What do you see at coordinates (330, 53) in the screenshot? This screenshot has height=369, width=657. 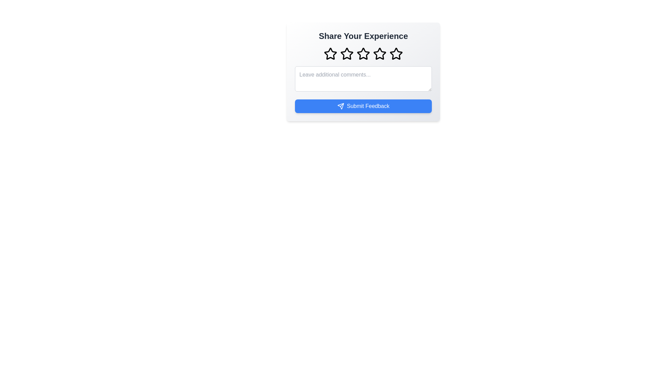 I see `the first star icon in the horizontal row of rating stars` at bounding box center [330, 53].